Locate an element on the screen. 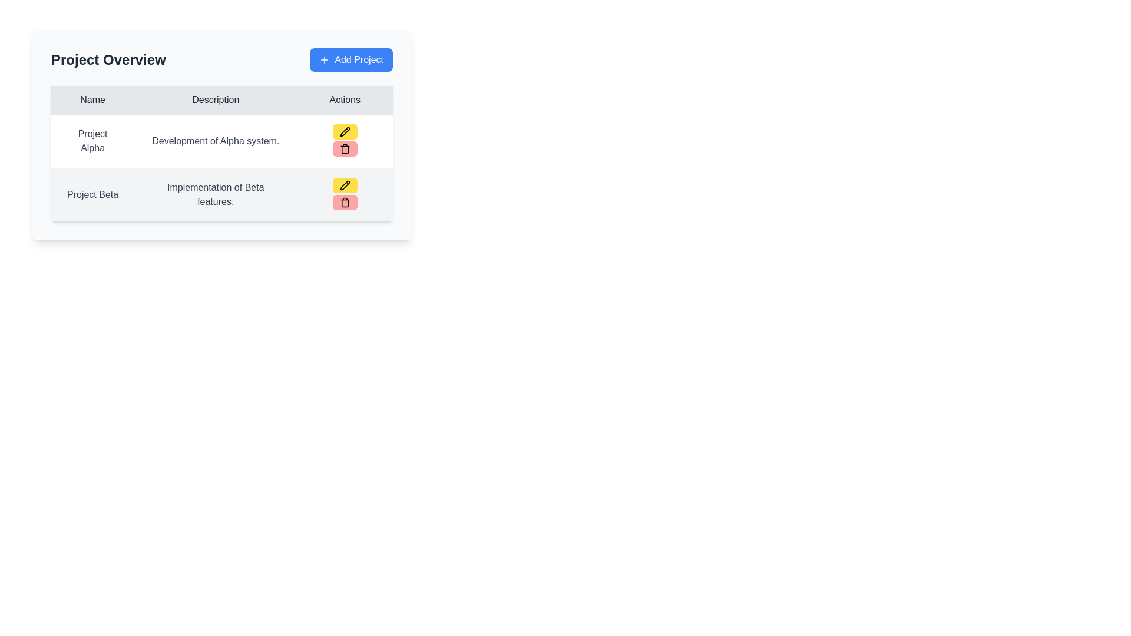 The image size is (1131, 636). the first row of the project overview table that summarizes 'Project Alpha' is located at coordinates (222, 140).